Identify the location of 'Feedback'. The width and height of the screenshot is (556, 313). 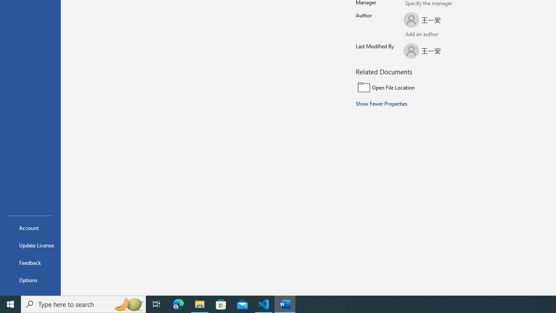
(30, 262).